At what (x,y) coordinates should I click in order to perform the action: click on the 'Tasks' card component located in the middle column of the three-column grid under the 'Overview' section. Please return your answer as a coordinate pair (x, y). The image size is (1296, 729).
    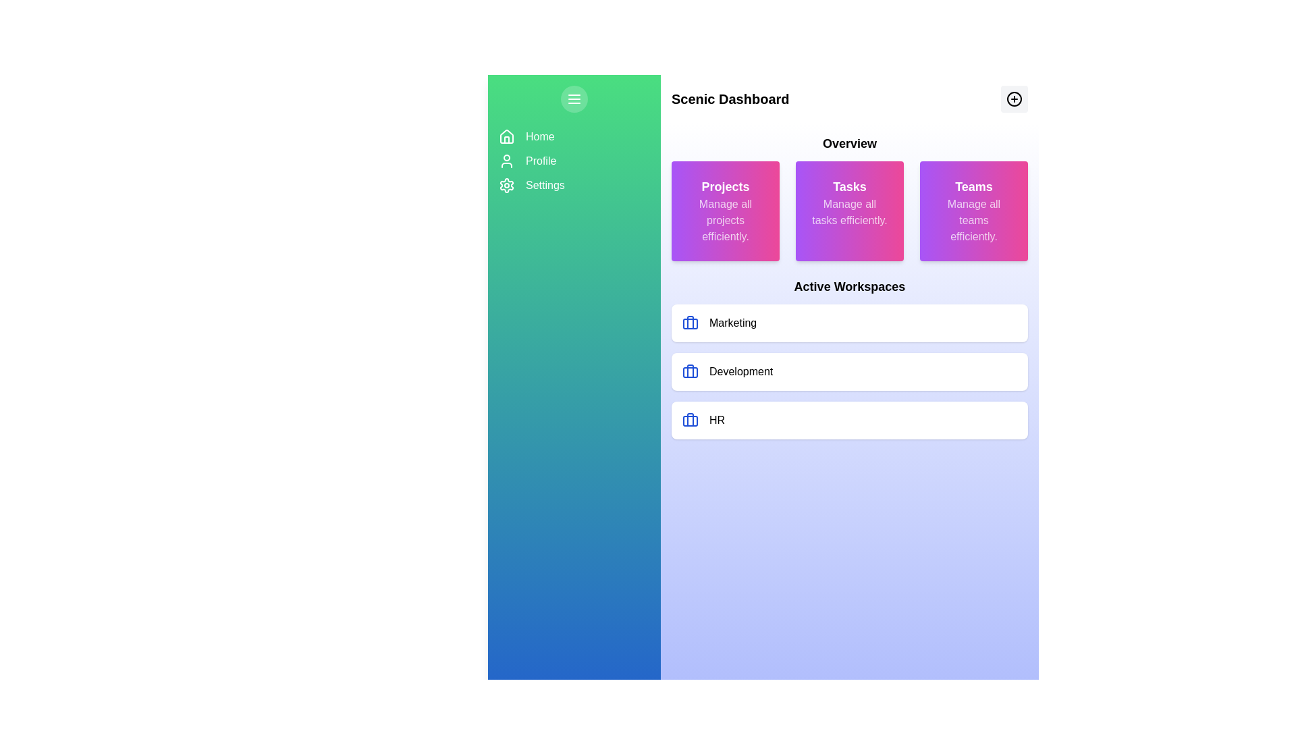
    Looking at the image, I should click on (848, 211).